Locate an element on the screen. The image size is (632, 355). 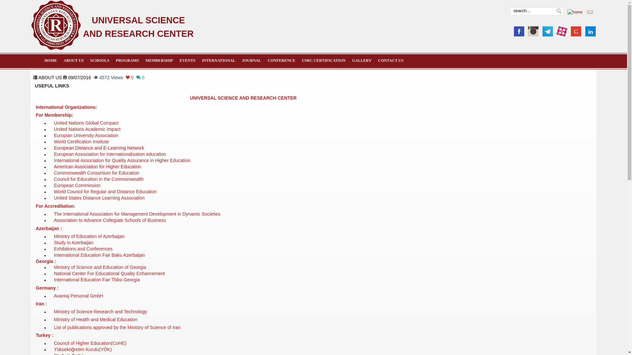
'ABOUT US' is located at coordinates (73, 60).